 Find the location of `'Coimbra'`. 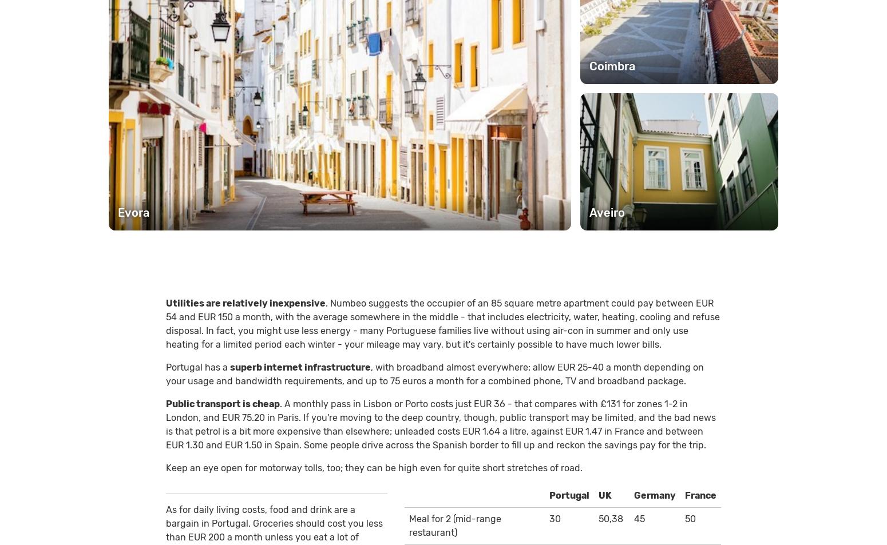

'Coimbra' is located at coordinates (612, 65).